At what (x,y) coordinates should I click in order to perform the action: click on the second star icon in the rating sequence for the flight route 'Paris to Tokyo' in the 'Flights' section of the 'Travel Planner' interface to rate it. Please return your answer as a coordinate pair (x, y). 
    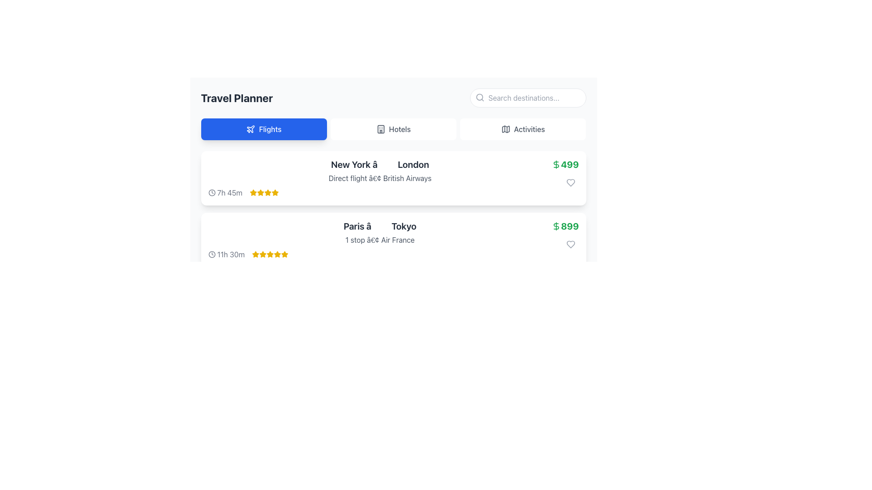
    Looking at the image, I should click on (270, 254).